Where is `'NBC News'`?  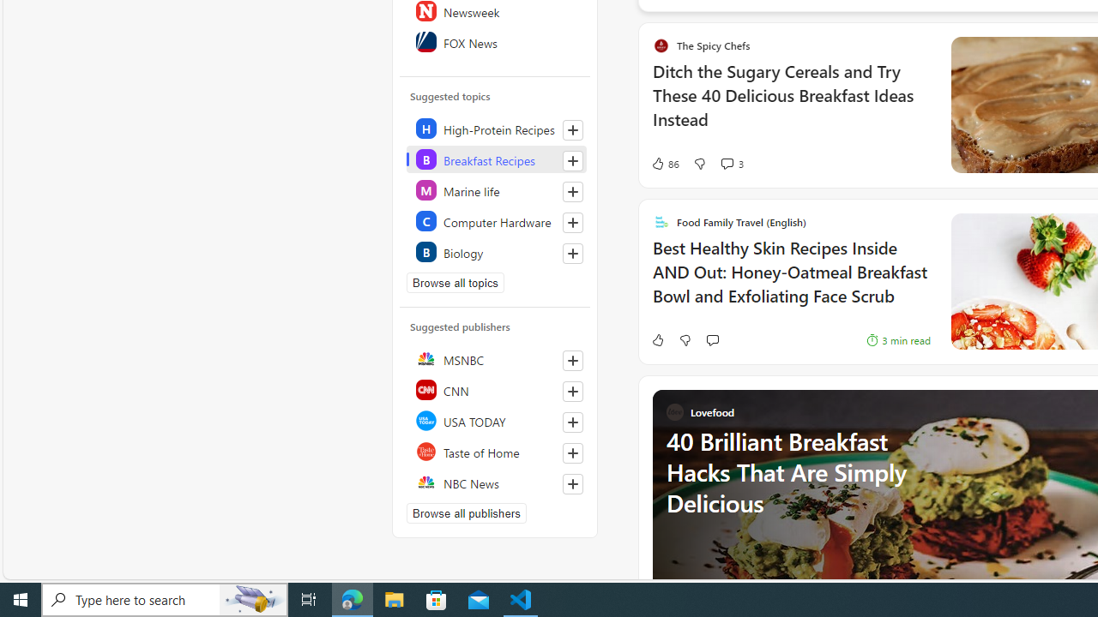 'NBC News' is located at coordinates (495, 482).